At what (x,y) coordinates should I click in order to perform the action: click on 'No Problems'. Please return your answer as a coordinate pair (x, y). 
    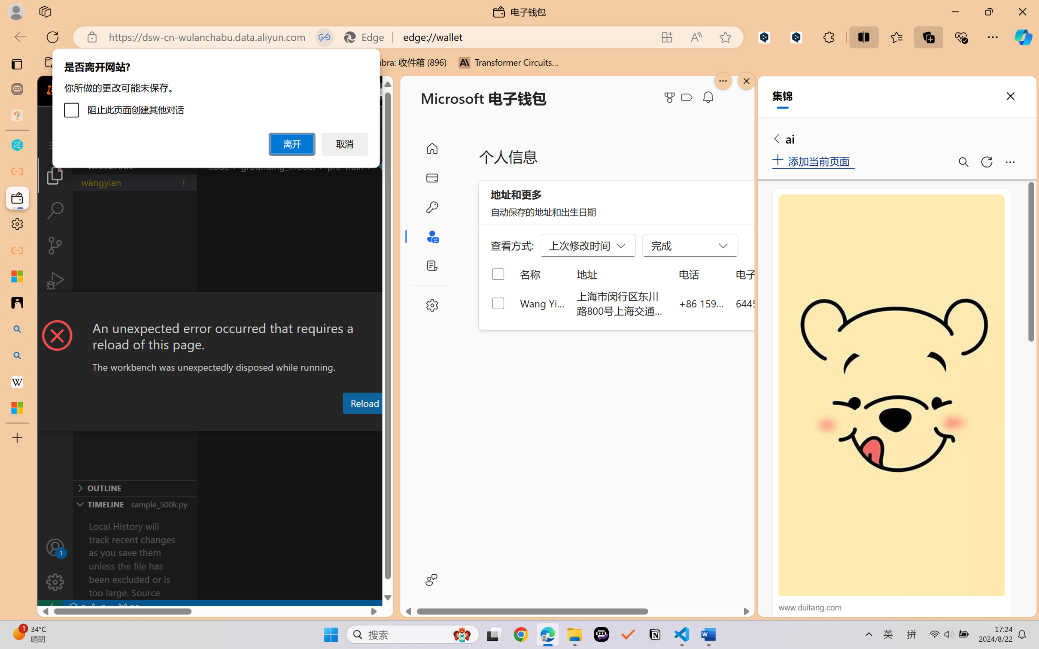
    Looking at the image, I should click on (86, 607).